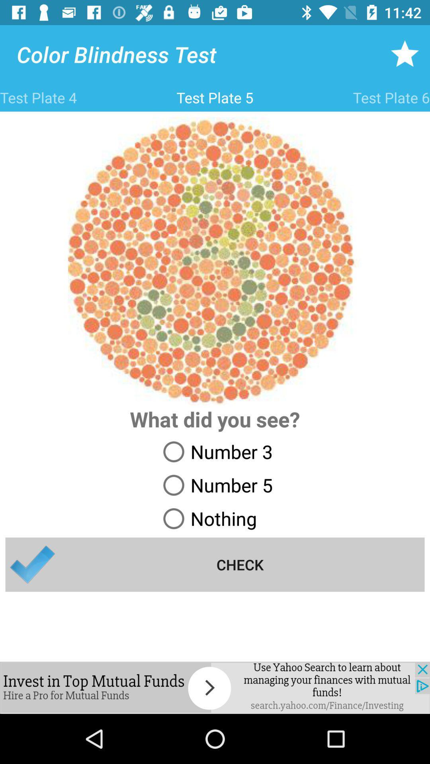 This screenshot has width=430, height=764. I want to click on colur figure reconer, so click(215, 687).